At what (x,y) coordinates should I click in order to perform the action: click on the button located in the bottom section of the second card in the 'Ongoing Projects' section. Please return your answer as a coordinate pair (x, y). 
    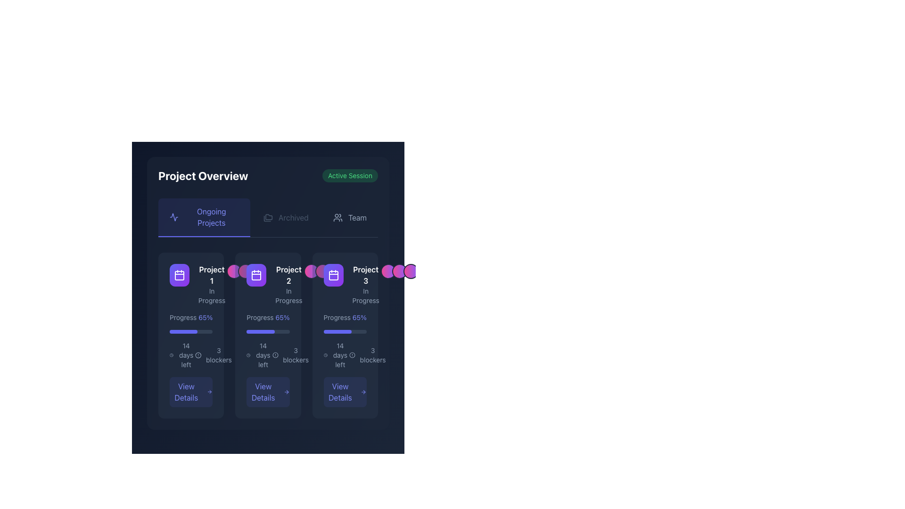
    Looking at the image, I should click on (267, 392).